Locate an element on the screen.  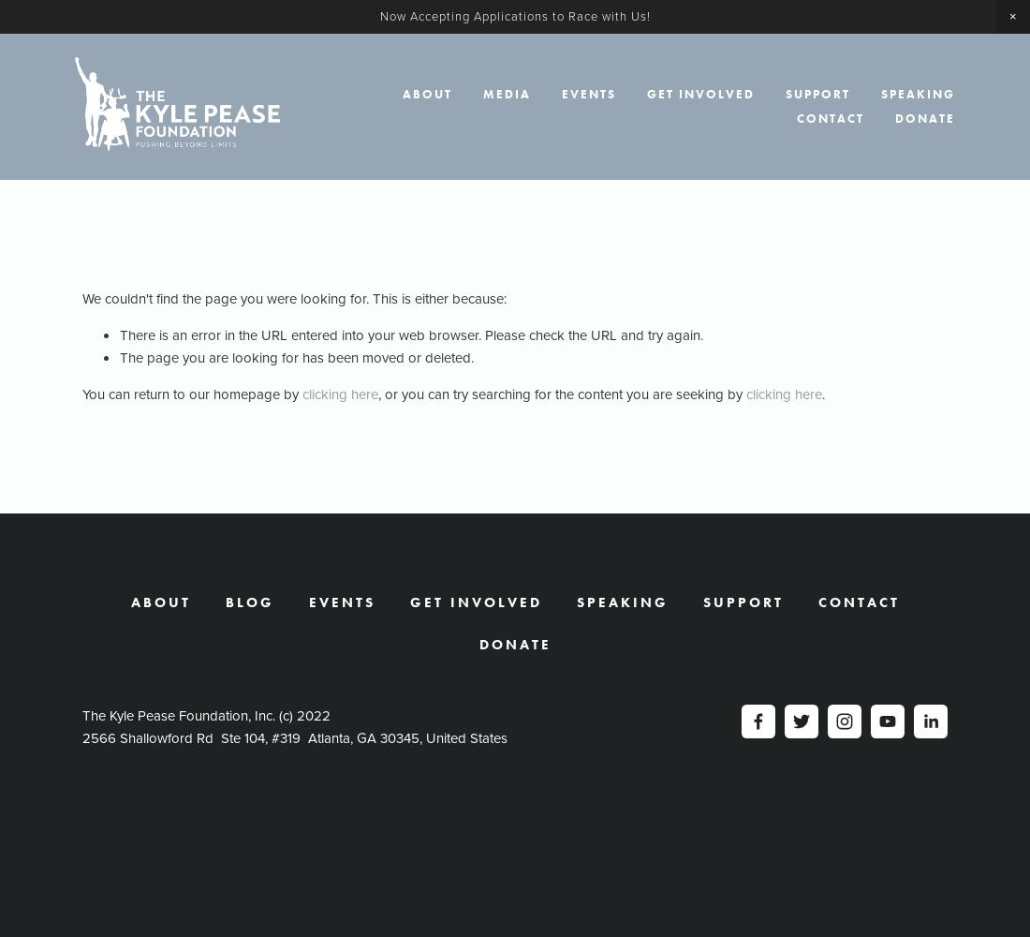
'The page you are looking for has been moved or deleted.' is located at coordinates (296, 358).